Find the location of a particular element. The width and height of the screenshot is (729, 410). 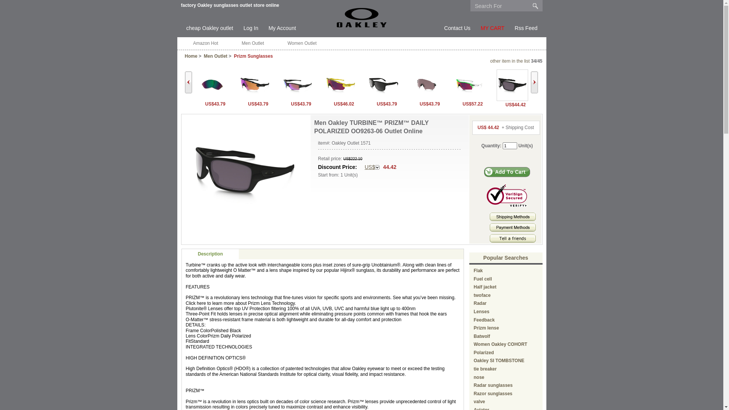

' Tell A Friends ' is located at coordinates (513, 238).